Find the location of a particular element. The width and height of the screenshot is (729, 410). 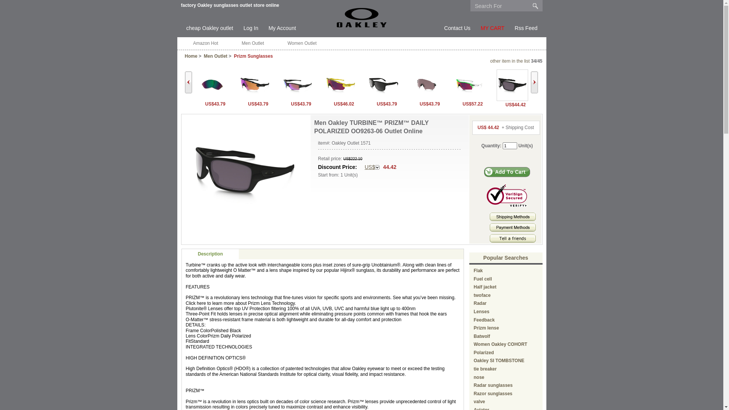

' Tell A Friends ' is located at coordinates (513, 238).